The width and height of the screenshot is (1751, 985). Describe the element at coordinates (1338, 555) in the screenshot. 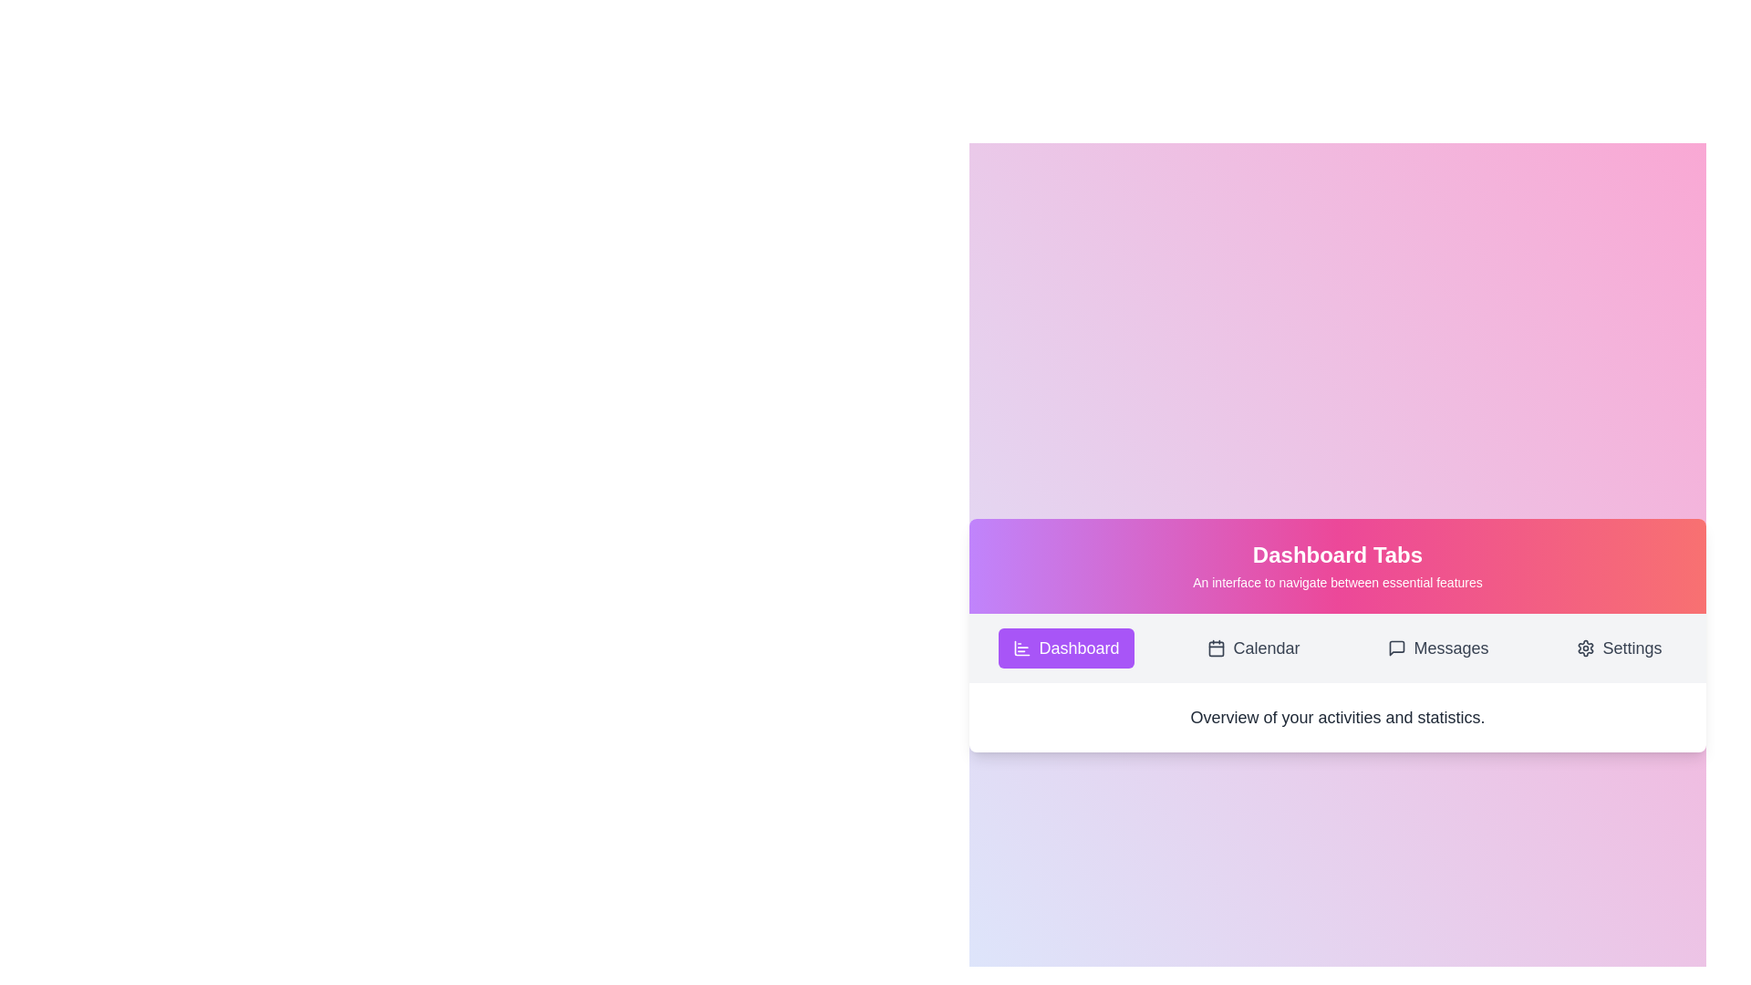

I see `the header label located at the top-center of the gradient-colored header area, which introduces the section below and is directly above the subtitle 'An interface to navigate between essential features'` at that location.